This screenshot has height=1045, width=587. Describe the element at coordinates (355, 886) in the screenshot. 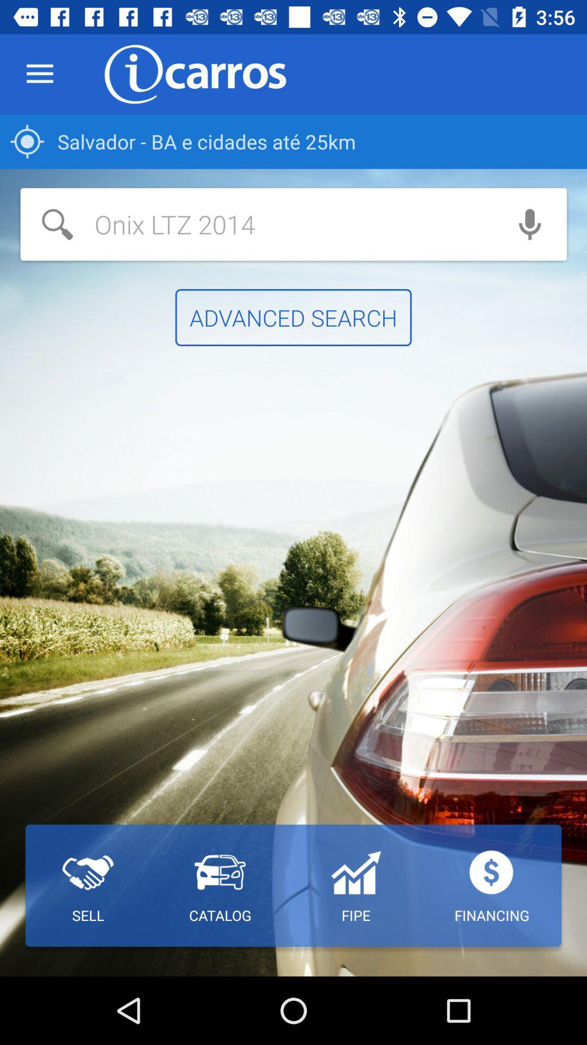

I see `the item to the left of the financing` at that location.